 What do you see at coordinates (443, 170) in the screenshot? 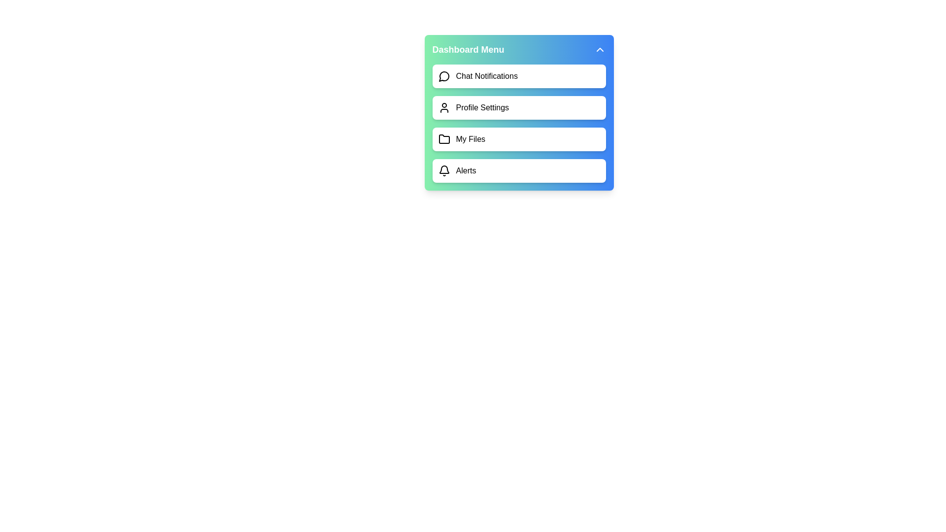
I see `the icon corresponding to Alerts` at bounding box center [443, 170].